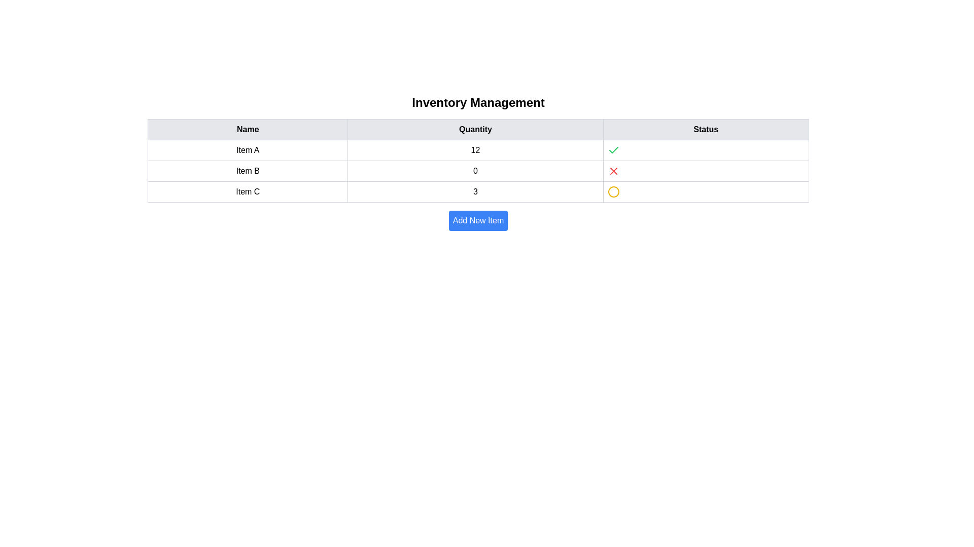 Image resolution: width=974 pixels, height=547 pixels. What do you see at coordinates (248, 150) in the screenshot?
I see `the Text Label displaying 'Item A', which is located in the first row of the table under the 'Name' header` at bounding box center [248, 150].